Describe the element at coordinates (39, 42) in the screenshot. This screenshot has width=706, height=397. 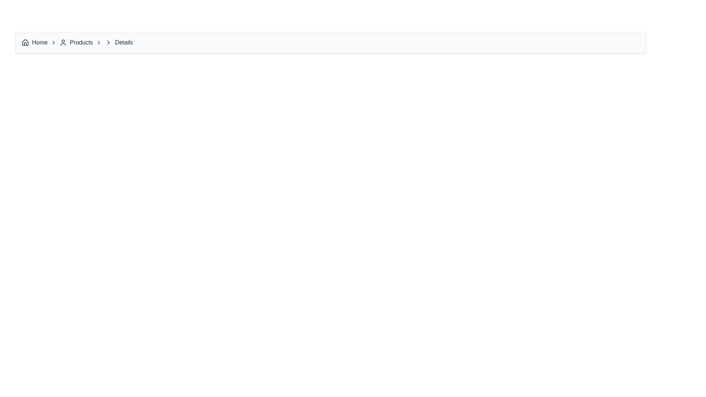
I see `the 'Home' breadcrumb navigation link, which is the first segment in the breadcrumb line` at that location.